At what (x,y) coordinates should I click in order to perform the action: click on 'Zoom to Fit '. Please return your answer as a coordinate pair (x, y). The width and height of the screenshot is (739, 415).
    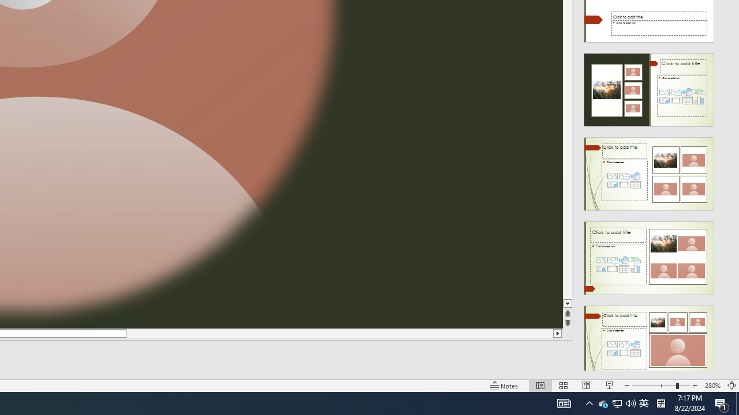
    Looking at the image, I should click on (731, 386).